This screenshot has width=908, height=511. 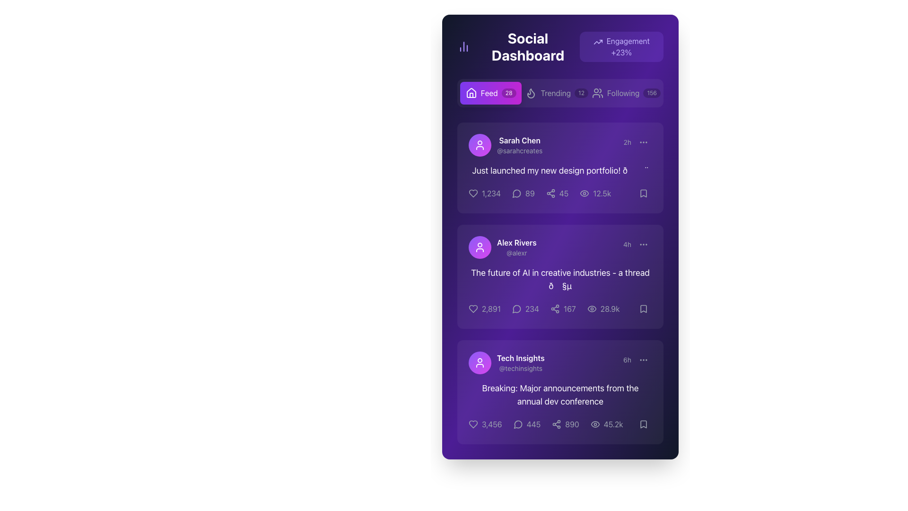 I want to click on the chat bubble icon, which features a hollow design and rounded speech tail, to initiate a comment, so click(x=516, y=193).